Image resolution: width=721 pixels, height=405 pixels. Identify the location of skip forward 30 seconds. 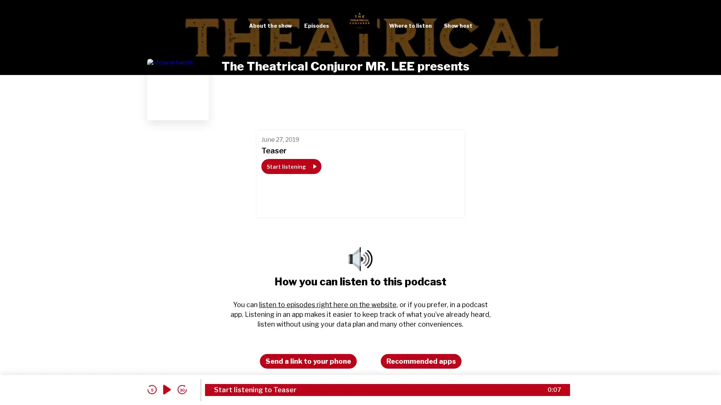
(182, 389).